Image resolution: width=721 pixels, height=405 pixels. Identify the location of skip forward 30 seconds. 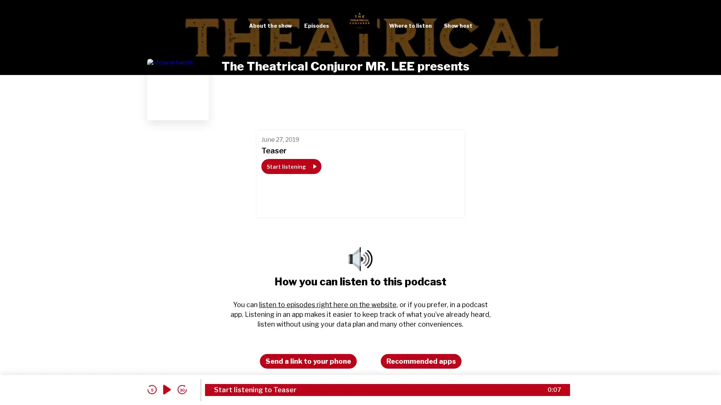
(182, 389).